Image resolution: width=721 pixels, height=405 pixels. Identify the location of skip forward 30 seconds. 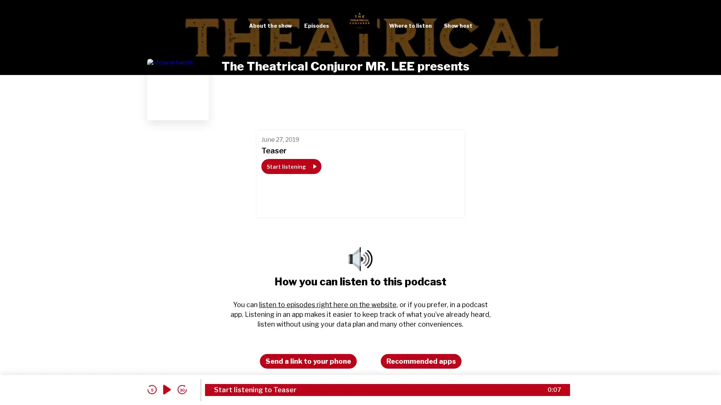
(182, 389).